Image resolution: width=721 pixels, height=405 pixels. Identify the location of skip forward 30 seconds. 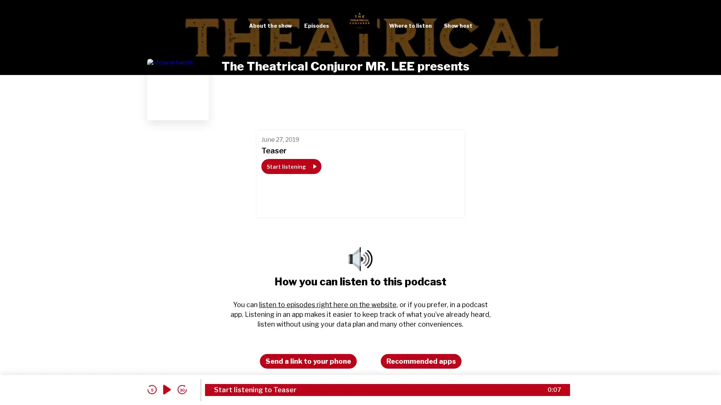
(182, 389).